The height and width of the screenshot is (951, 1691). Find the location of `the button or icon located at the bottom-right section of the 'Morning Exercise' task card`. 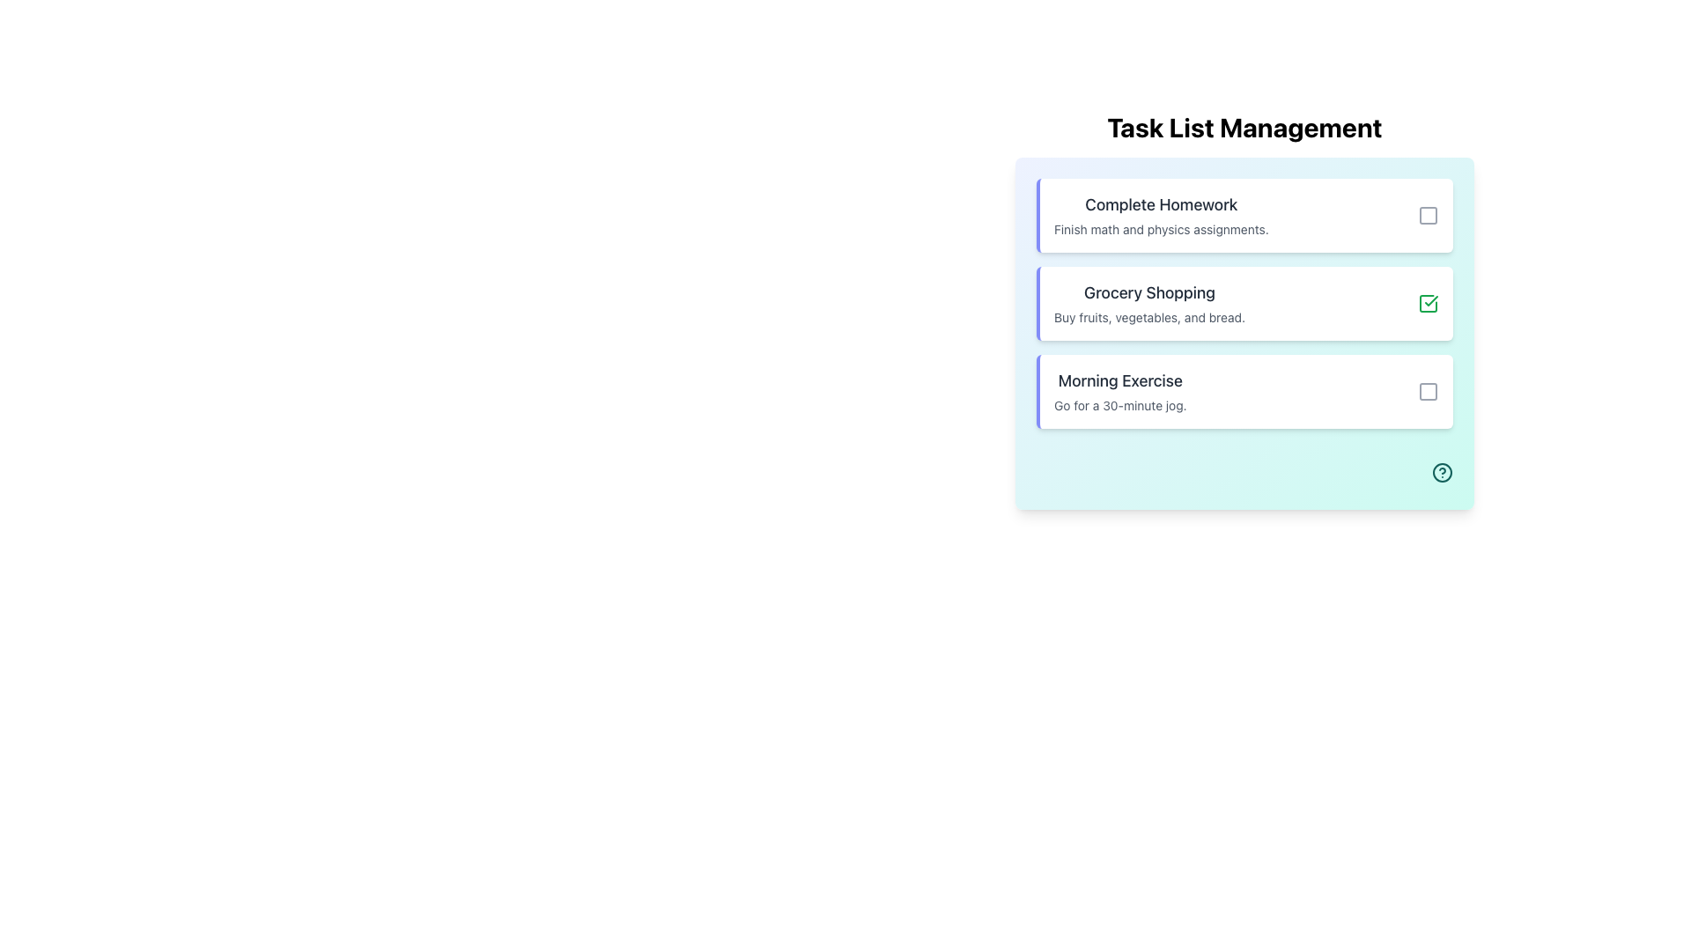

the button or icon located at the bottom-right section of the 'Morning Exercise' task card is located at coordinates (1429, 390).